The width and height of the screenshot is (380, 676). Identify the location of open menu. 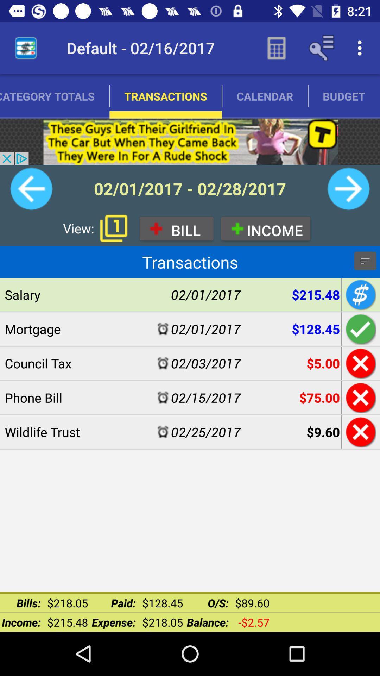
(365, 260).